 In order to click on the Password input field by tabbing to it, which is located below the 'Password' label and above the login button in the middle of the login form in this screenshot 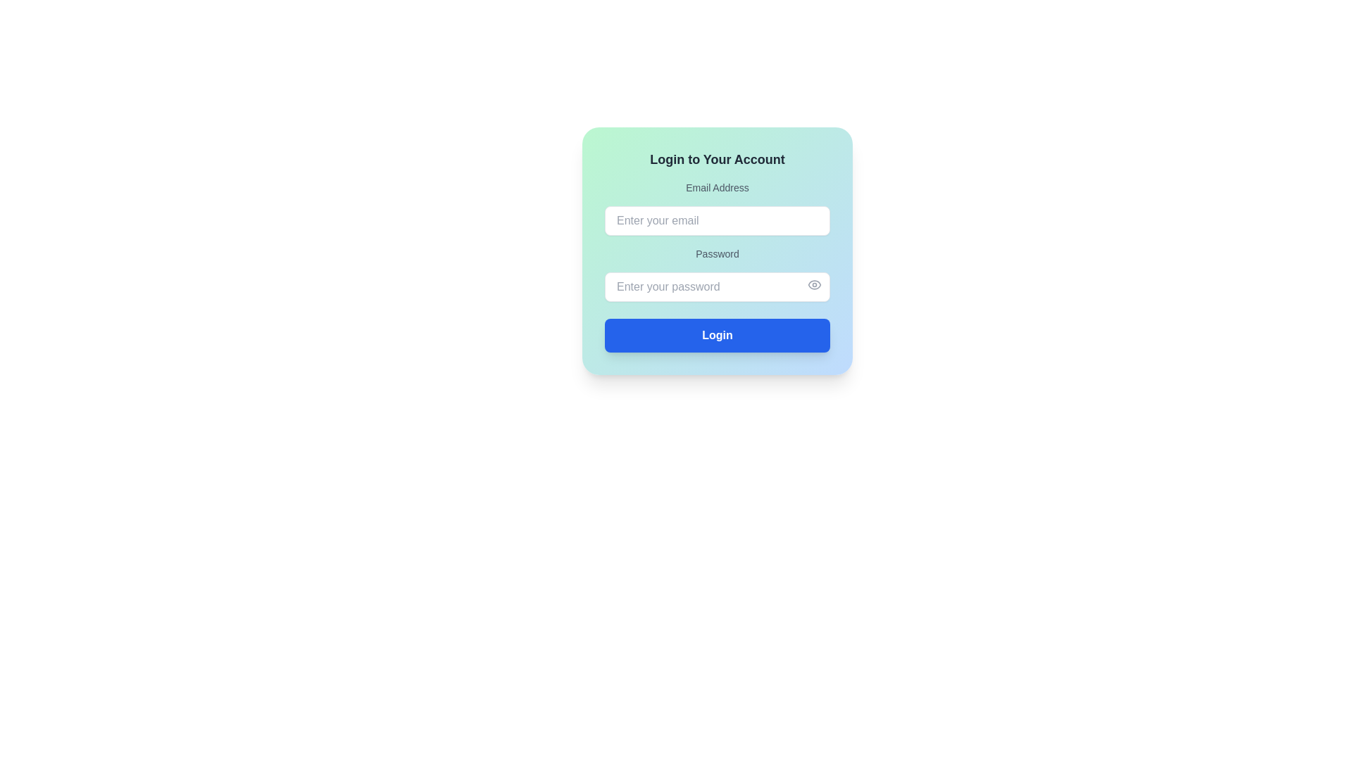, I will do `click(717, 286)`.